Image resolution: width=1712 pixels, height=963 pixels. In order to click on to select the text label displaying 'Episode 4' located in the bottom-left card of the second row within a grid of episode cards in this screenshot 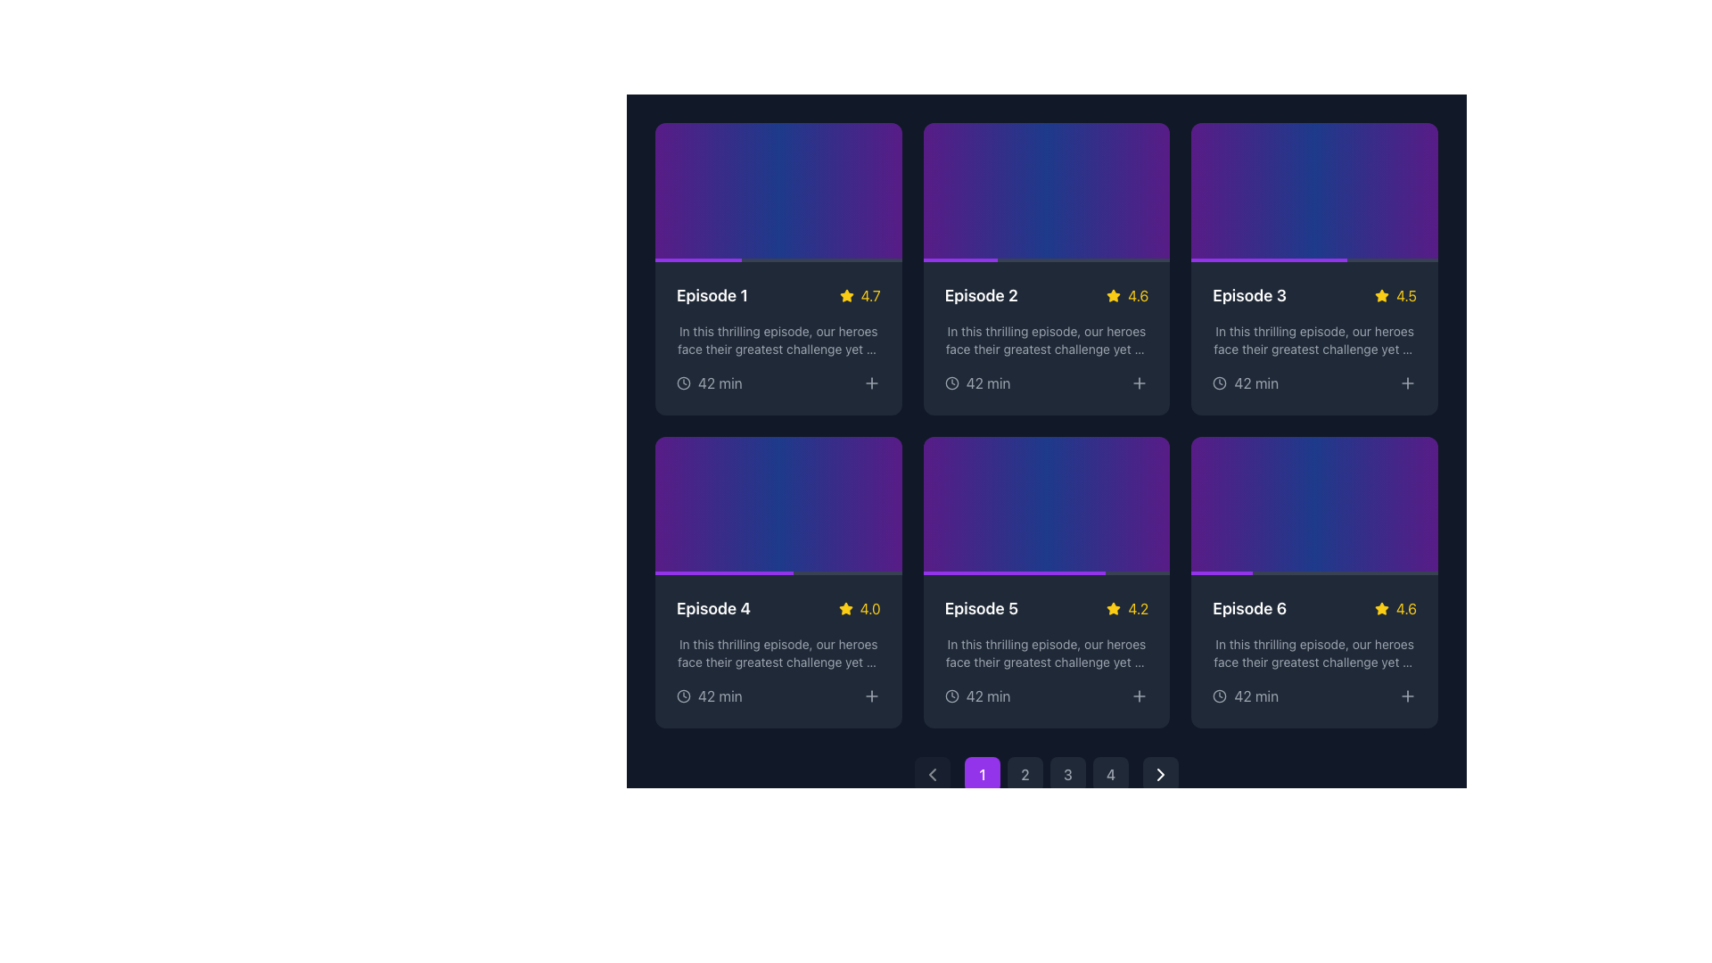, I will do `click(713, 608)`.